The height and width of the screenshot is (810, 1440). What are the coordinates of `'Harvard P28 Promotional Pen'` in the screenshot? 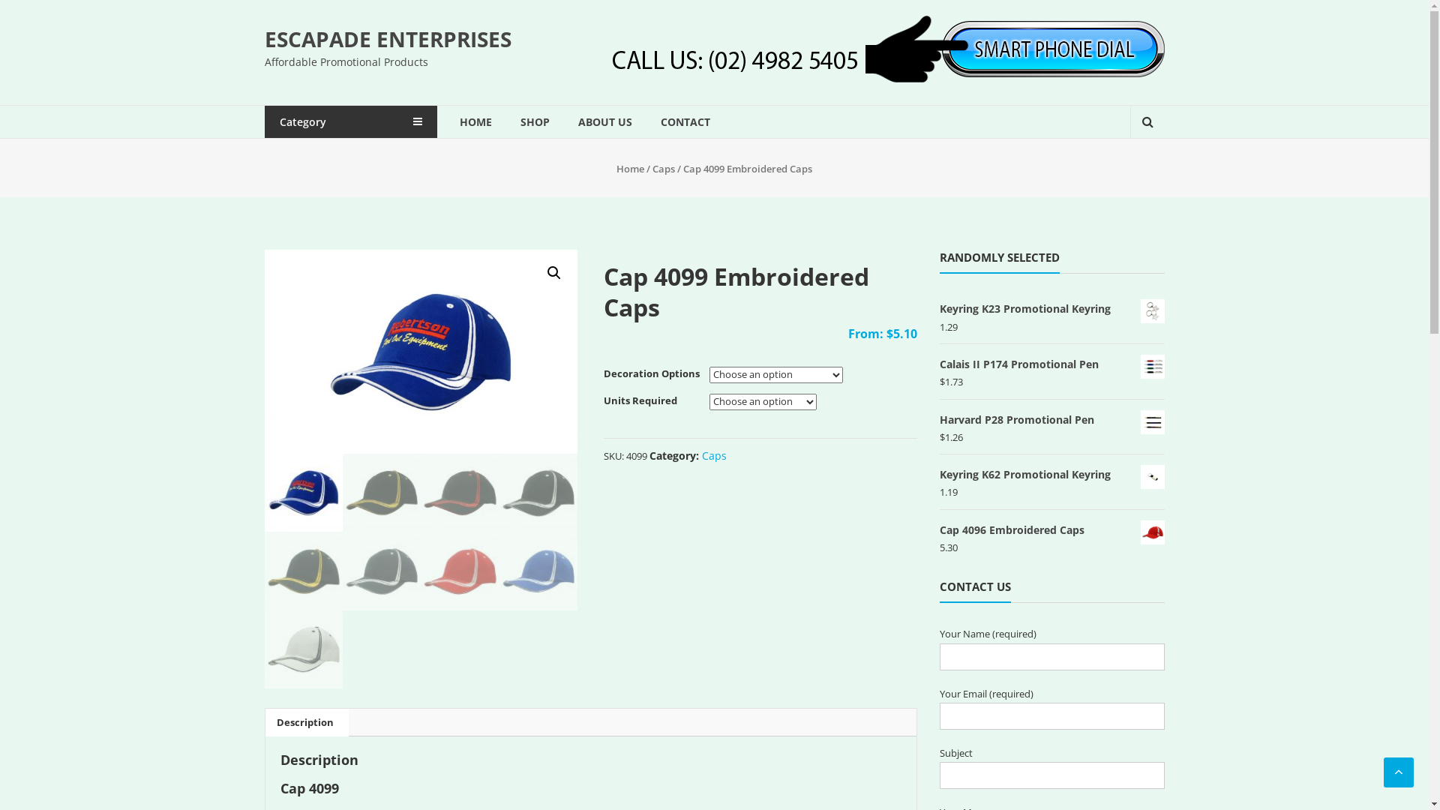 It's located at (1050, 419).